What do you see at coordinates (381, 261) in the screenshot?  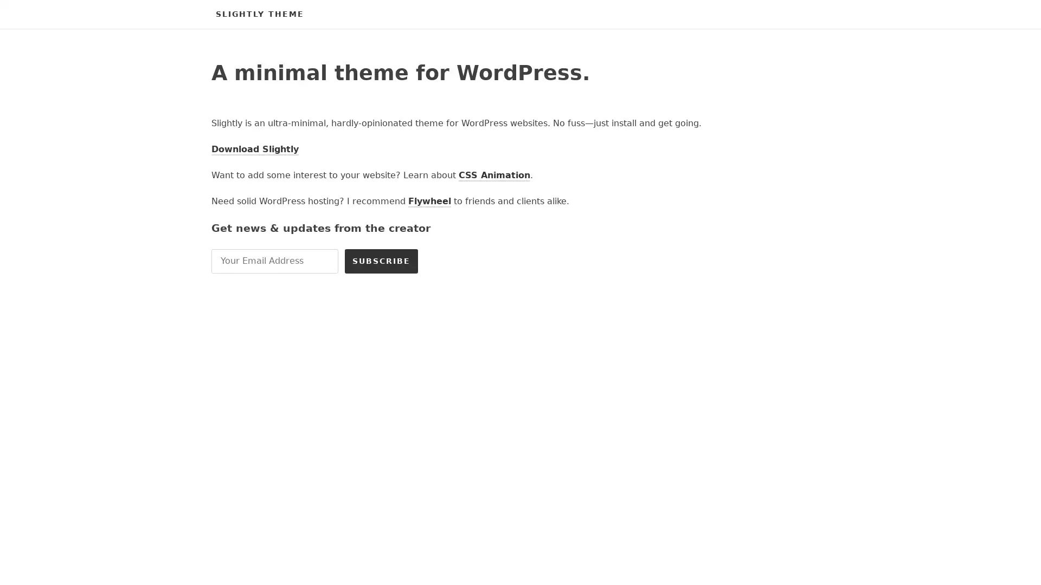 I see `Subscribe` at bounding box center [381, 261].